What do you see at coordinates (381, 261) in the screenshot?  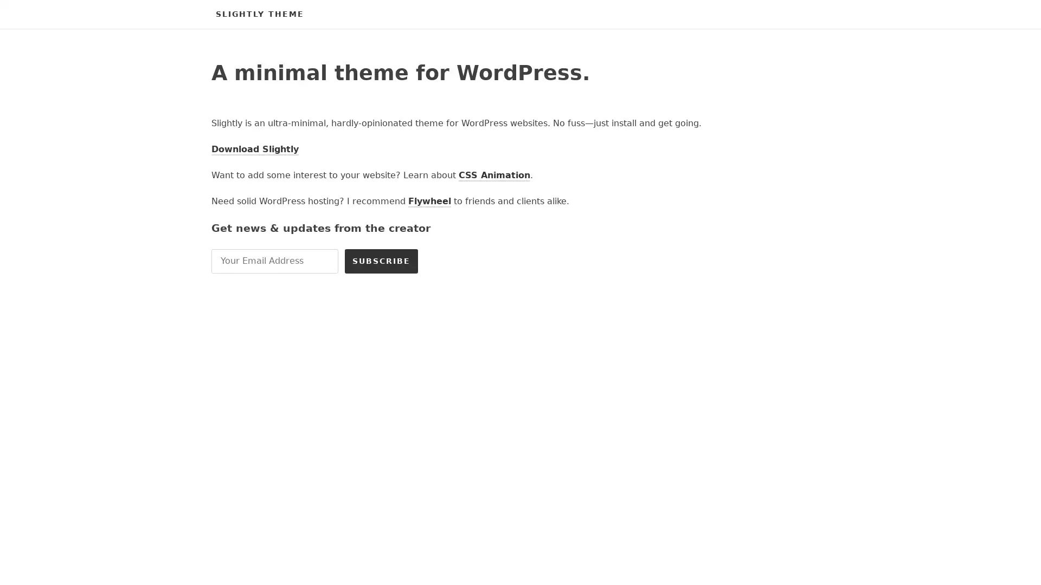 I see `Subscribe` at bounding box center [381, 261].